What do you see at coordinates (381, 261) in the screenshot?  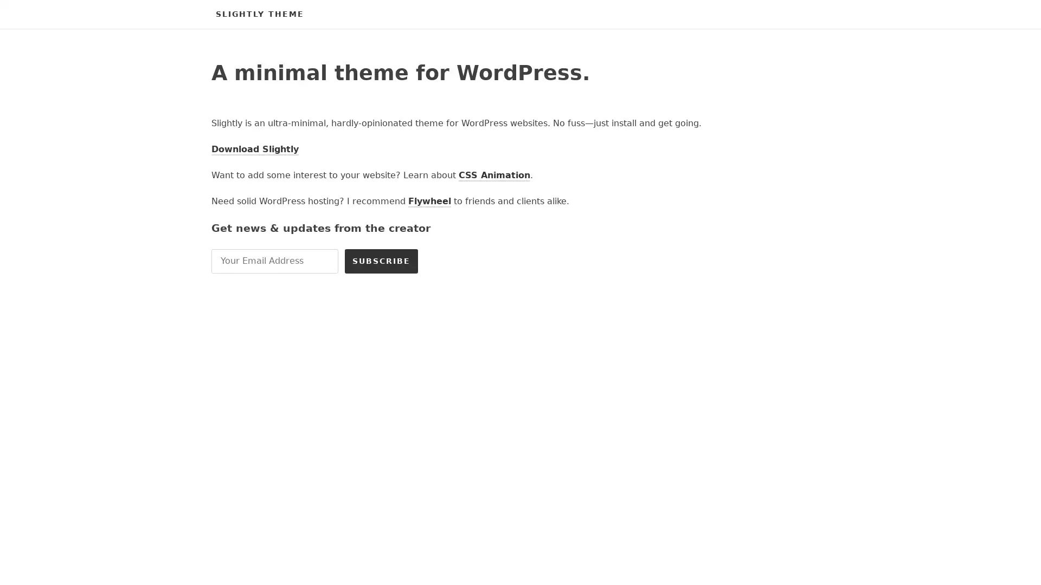 I see `Subscribe` at bounding box center [381, 261].